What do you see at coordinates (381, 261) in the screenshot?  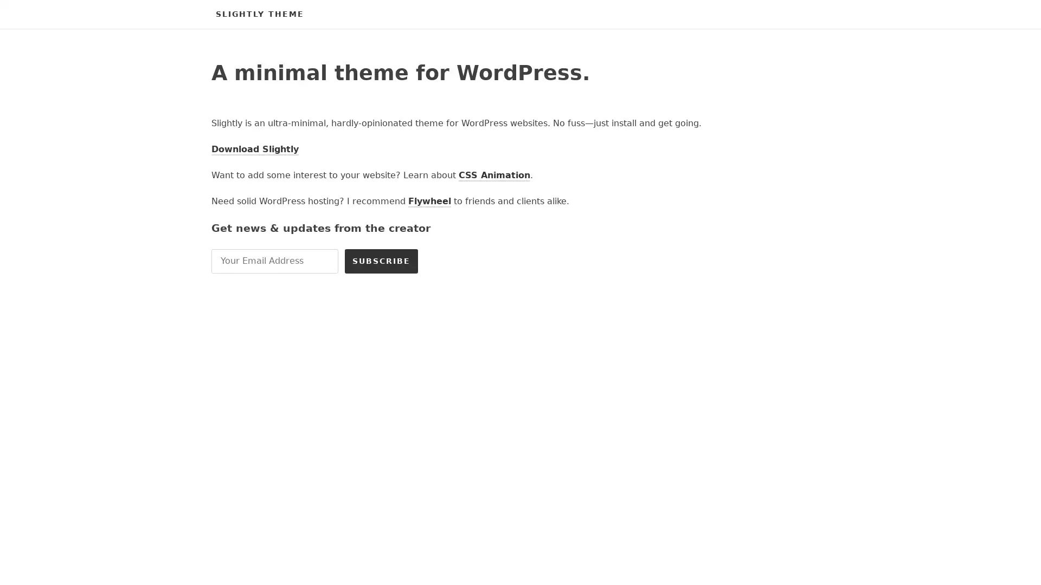 I see `Subscribe` at bounding box center [381, 261].